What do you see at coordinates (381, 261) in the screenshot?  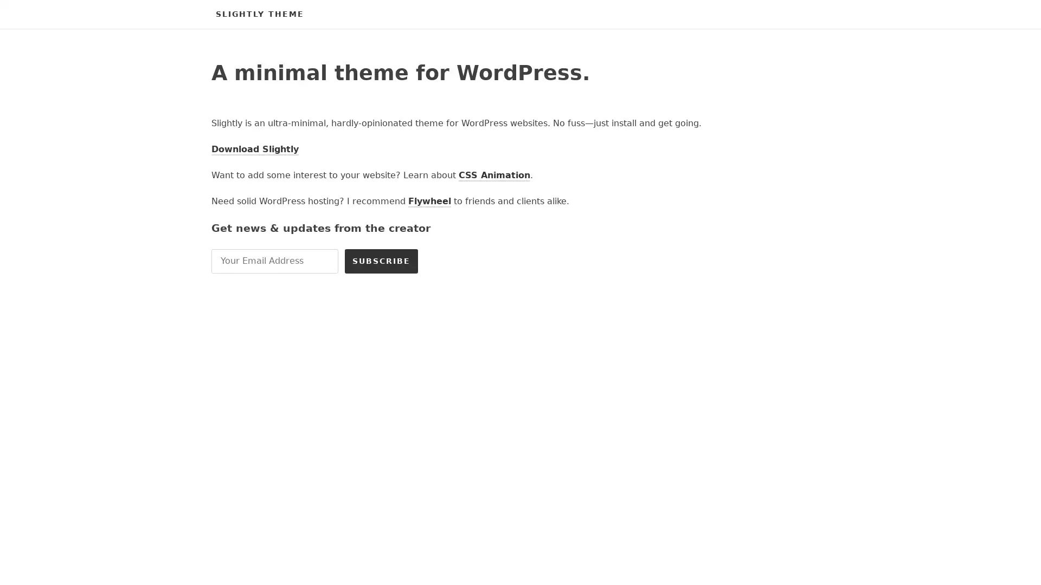 I see `Subscribe` at bounding box center [381, 261].